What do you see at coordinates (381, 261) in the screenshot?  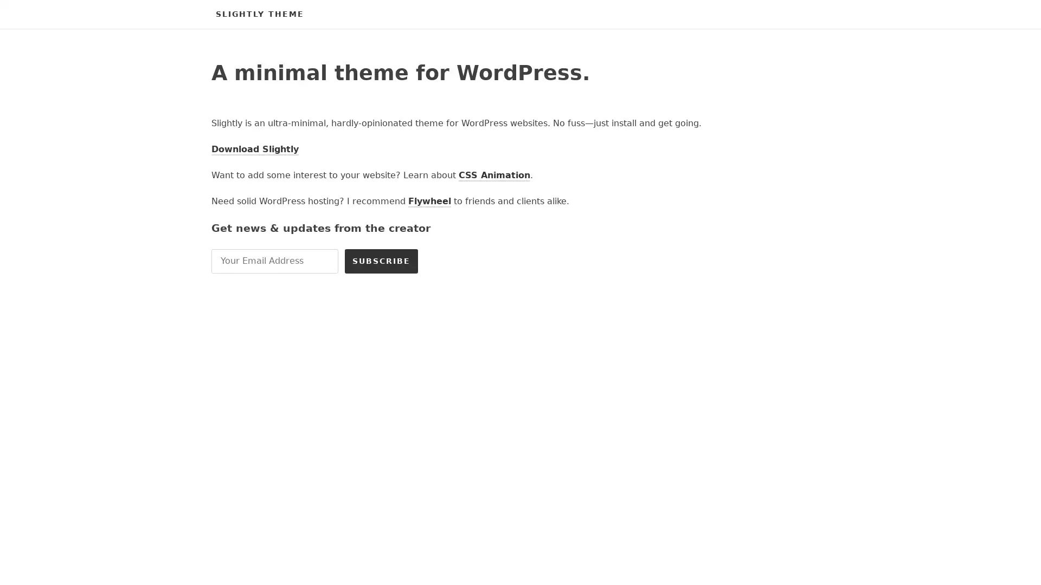 I see `Subscribe` at bounding box center [381, 261].